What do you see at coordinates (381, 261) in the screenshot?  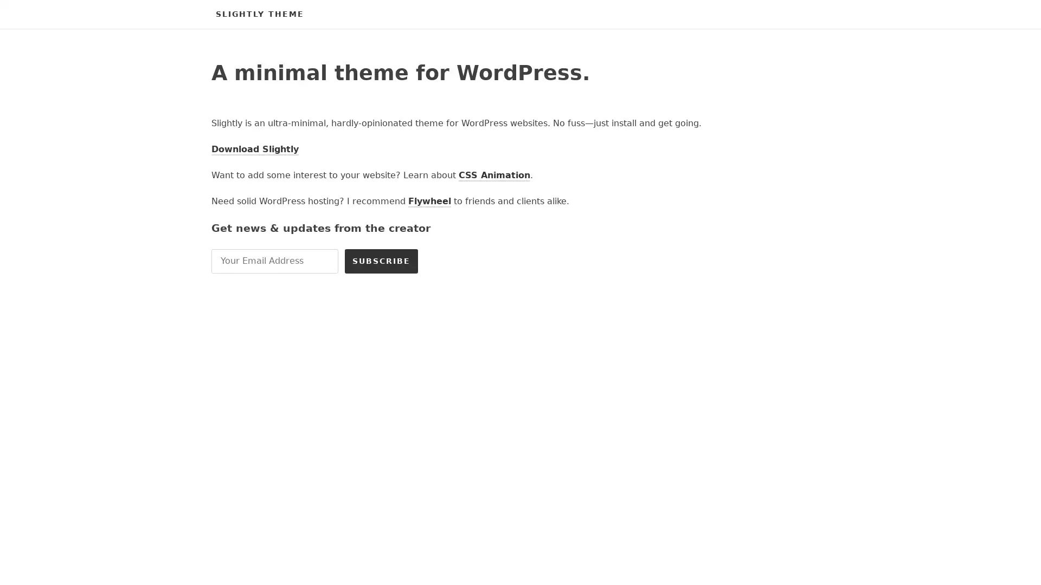 I see `Subscribe` at bounding box center [381, 261].